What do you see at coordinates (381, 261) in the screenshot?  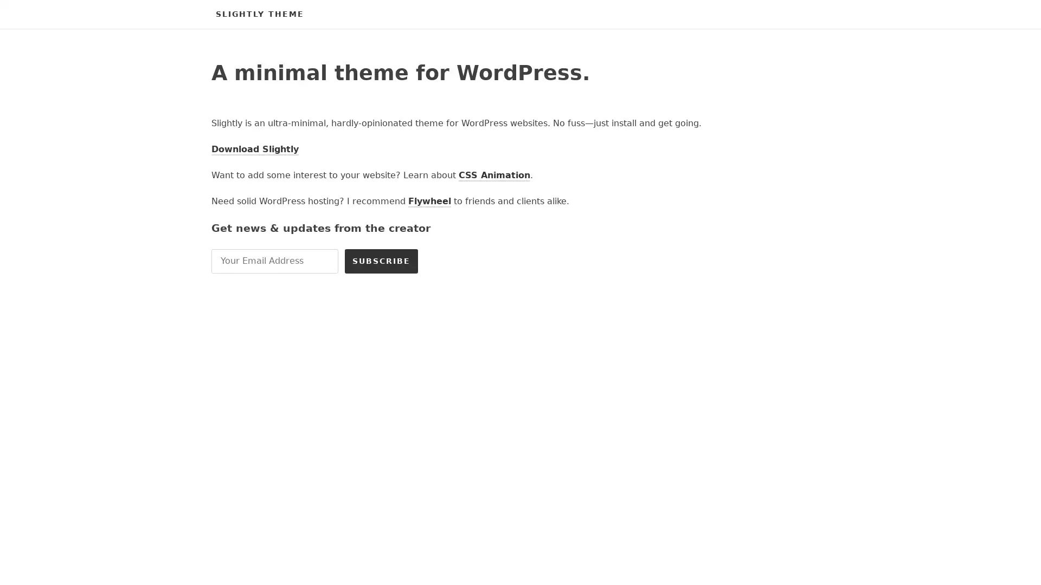 I see `Subscribe` at bounding box center [381, 261].